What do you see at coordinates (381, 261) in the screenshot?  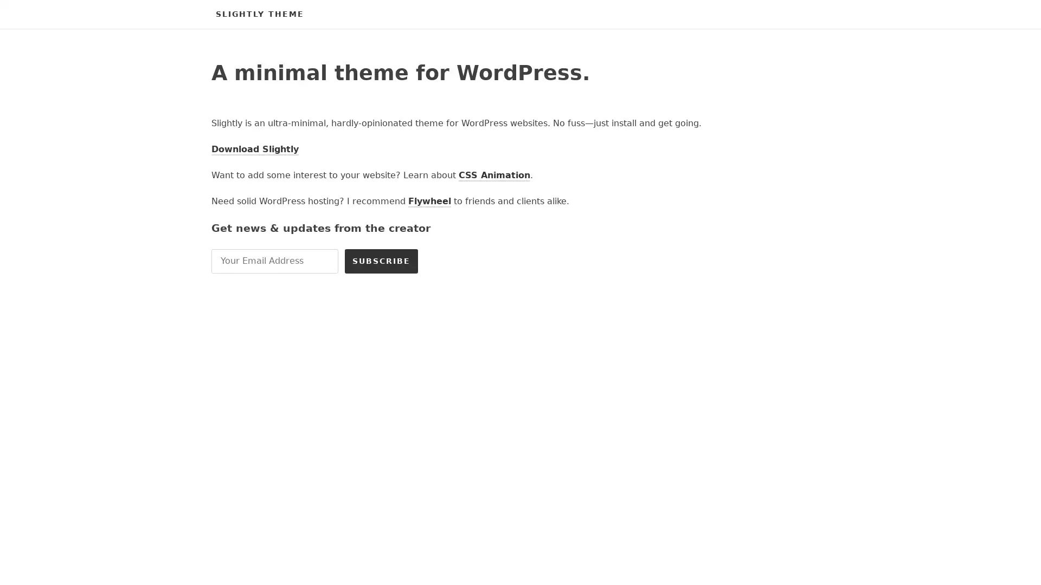 I see `Subscribe` at bounding box center [381, 261].